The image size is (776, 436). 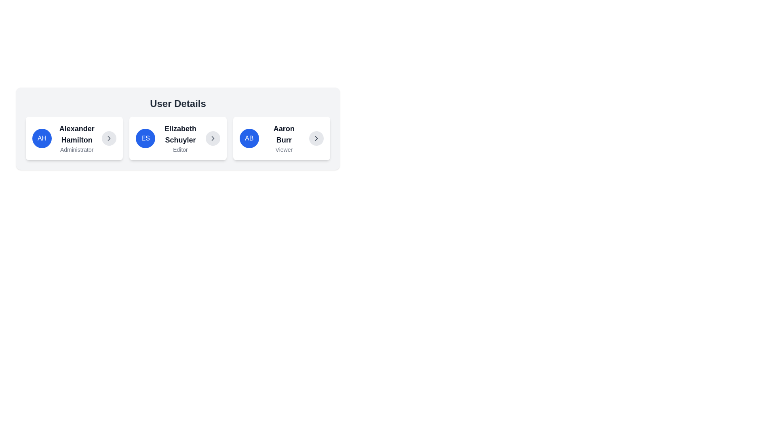 I want to click on the right-facing chevron icon within the circular button located in the 'User Details' section below 'Alexander Hamilton', so click(x=109, y=138).